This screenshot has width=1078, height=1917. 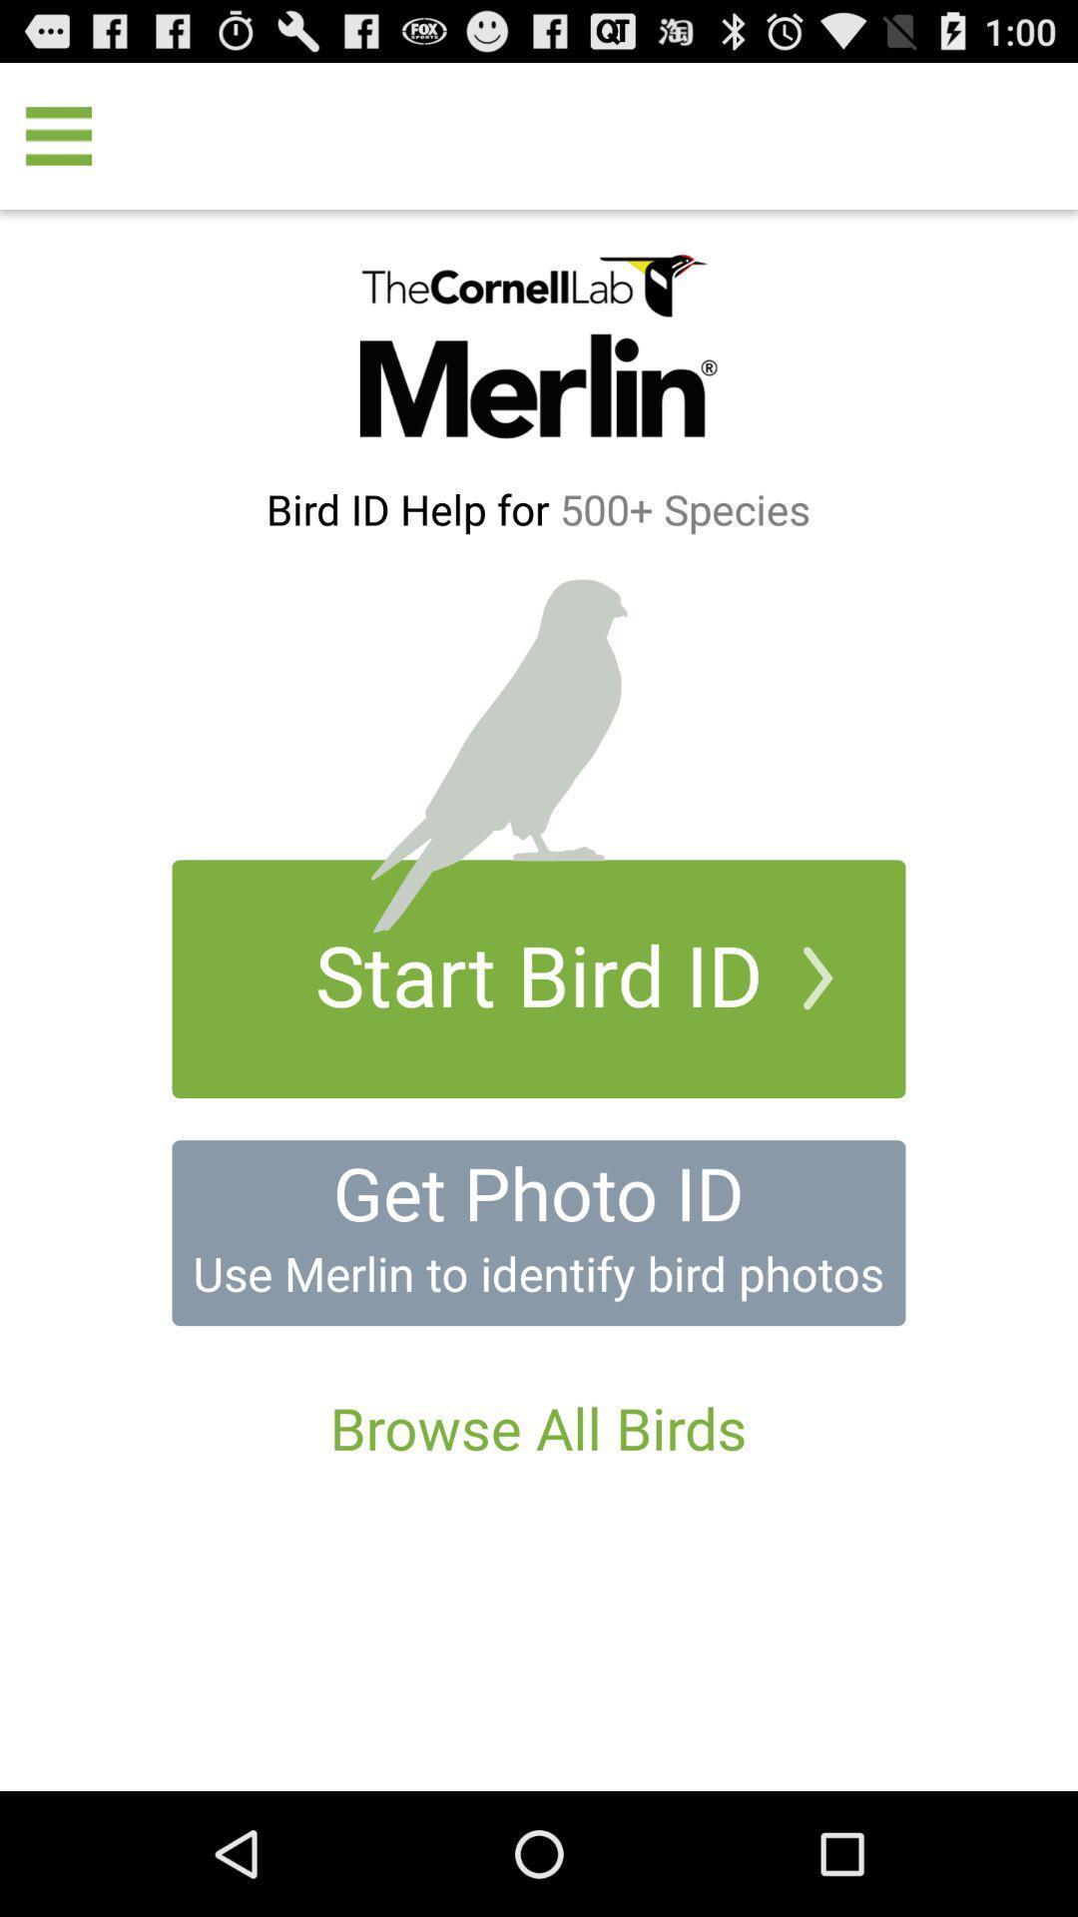 What do you see at coordinates (537, 1426) in the screenshot?
I see `the browse all birds` at bounding box center [537, 1426].